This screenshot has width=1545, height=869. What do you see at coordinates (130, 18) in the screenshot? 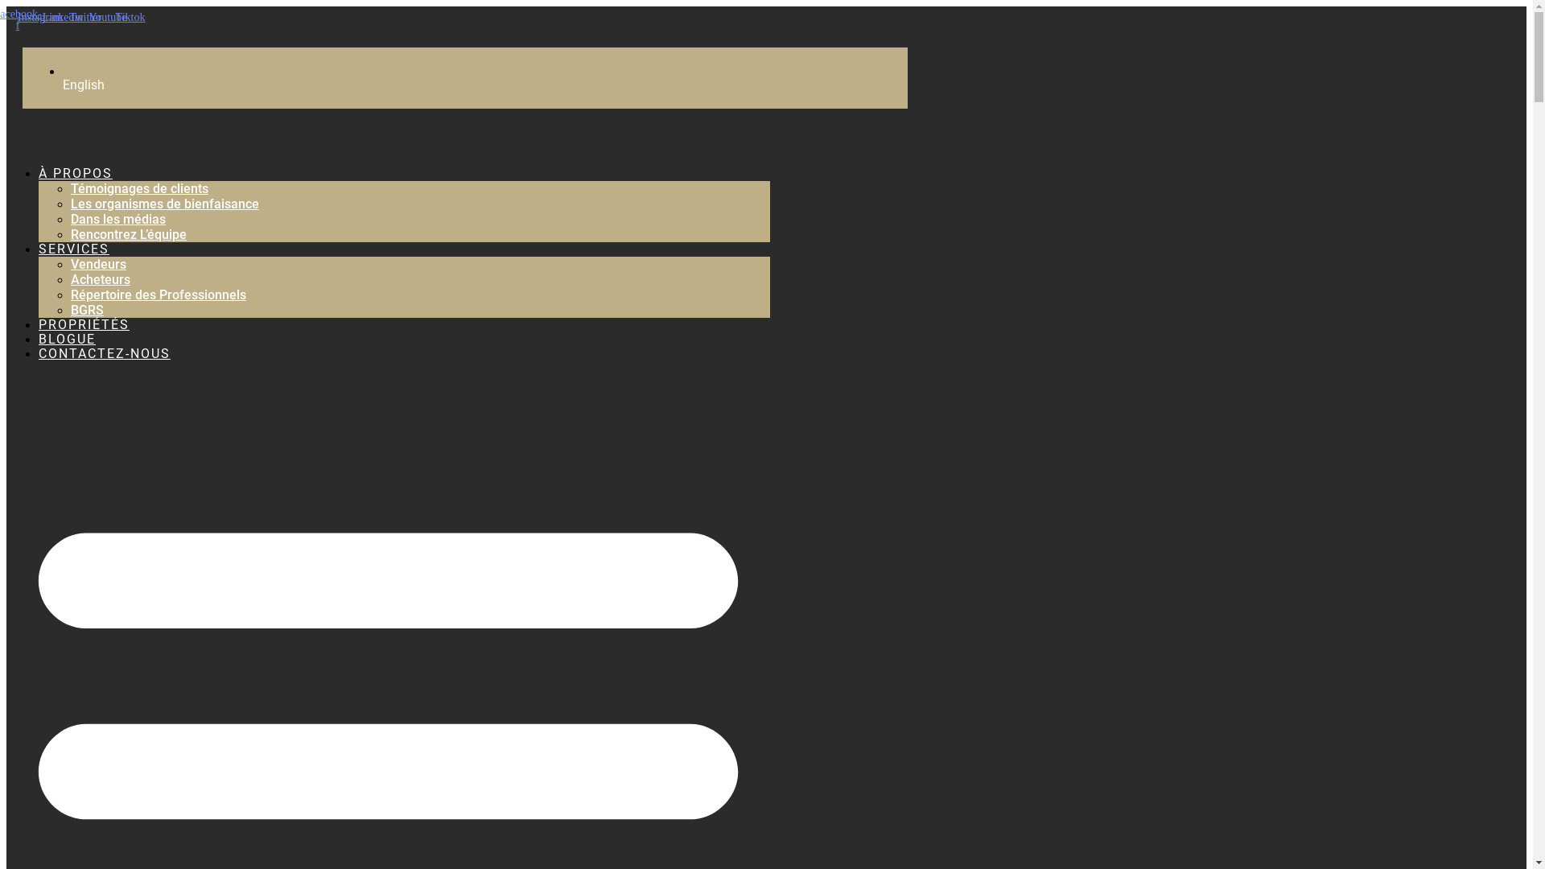
I see `'Tiktok'` at bounding box center [130, 18].